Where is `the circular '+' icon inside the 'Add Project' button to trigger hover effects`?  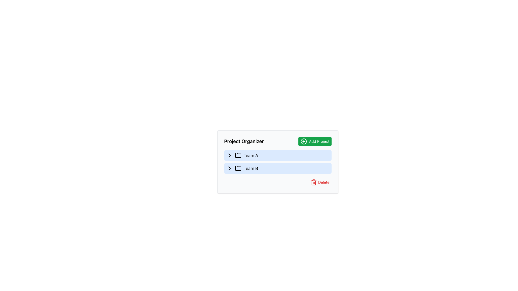 the circular '+' icon inside the 'Add Project' button to trigger hover effects is located at coordinates (304, 141).